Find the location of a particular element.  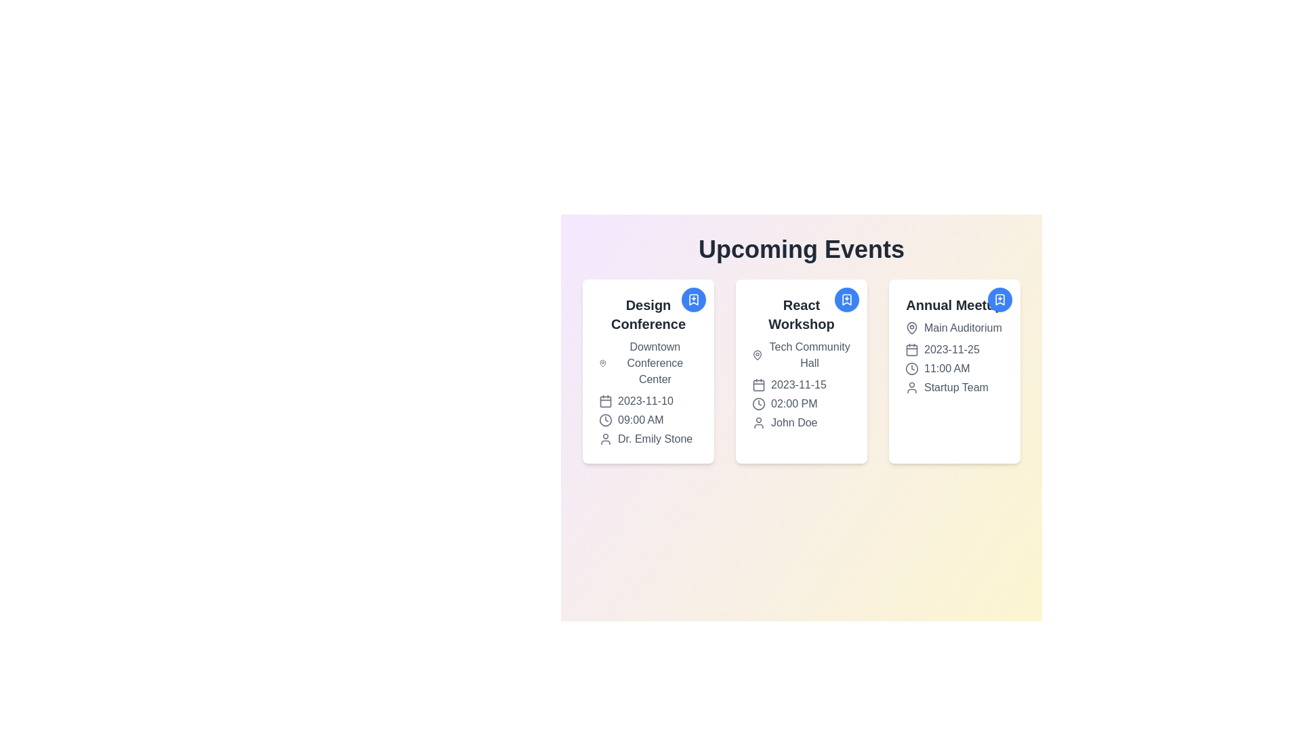

the location pin icon located to the left of the 'Tech Community Hall' label under 'React Workshop' is located at coordinates (757, 354).